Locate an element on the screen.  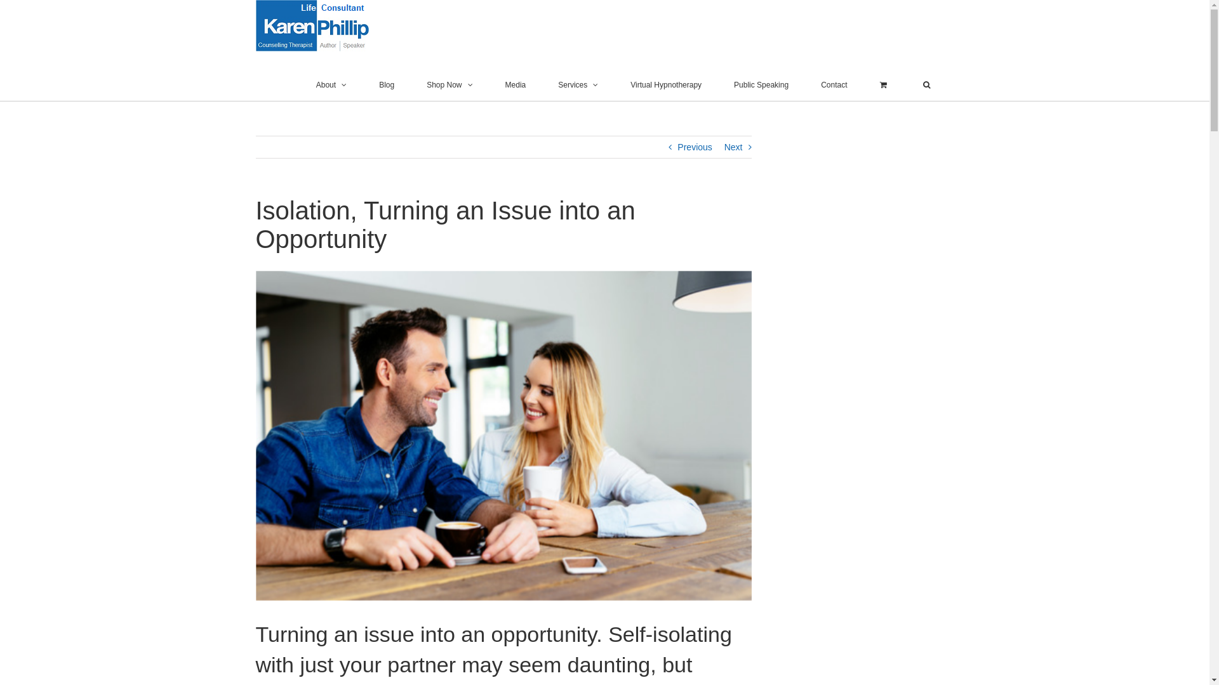
'Services' is located at coordinates (577, 85).